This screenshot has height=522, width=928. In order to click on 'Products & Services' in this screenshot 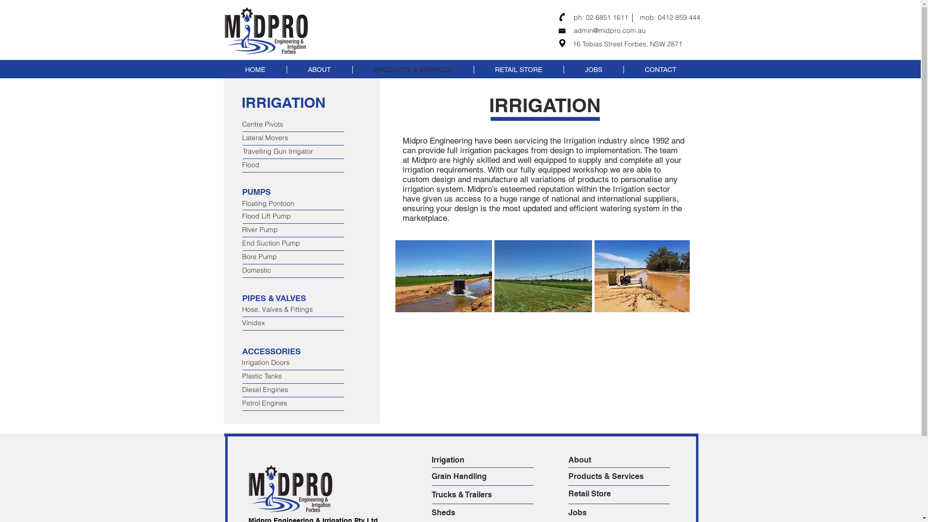, I will do `click(605, 476)`.